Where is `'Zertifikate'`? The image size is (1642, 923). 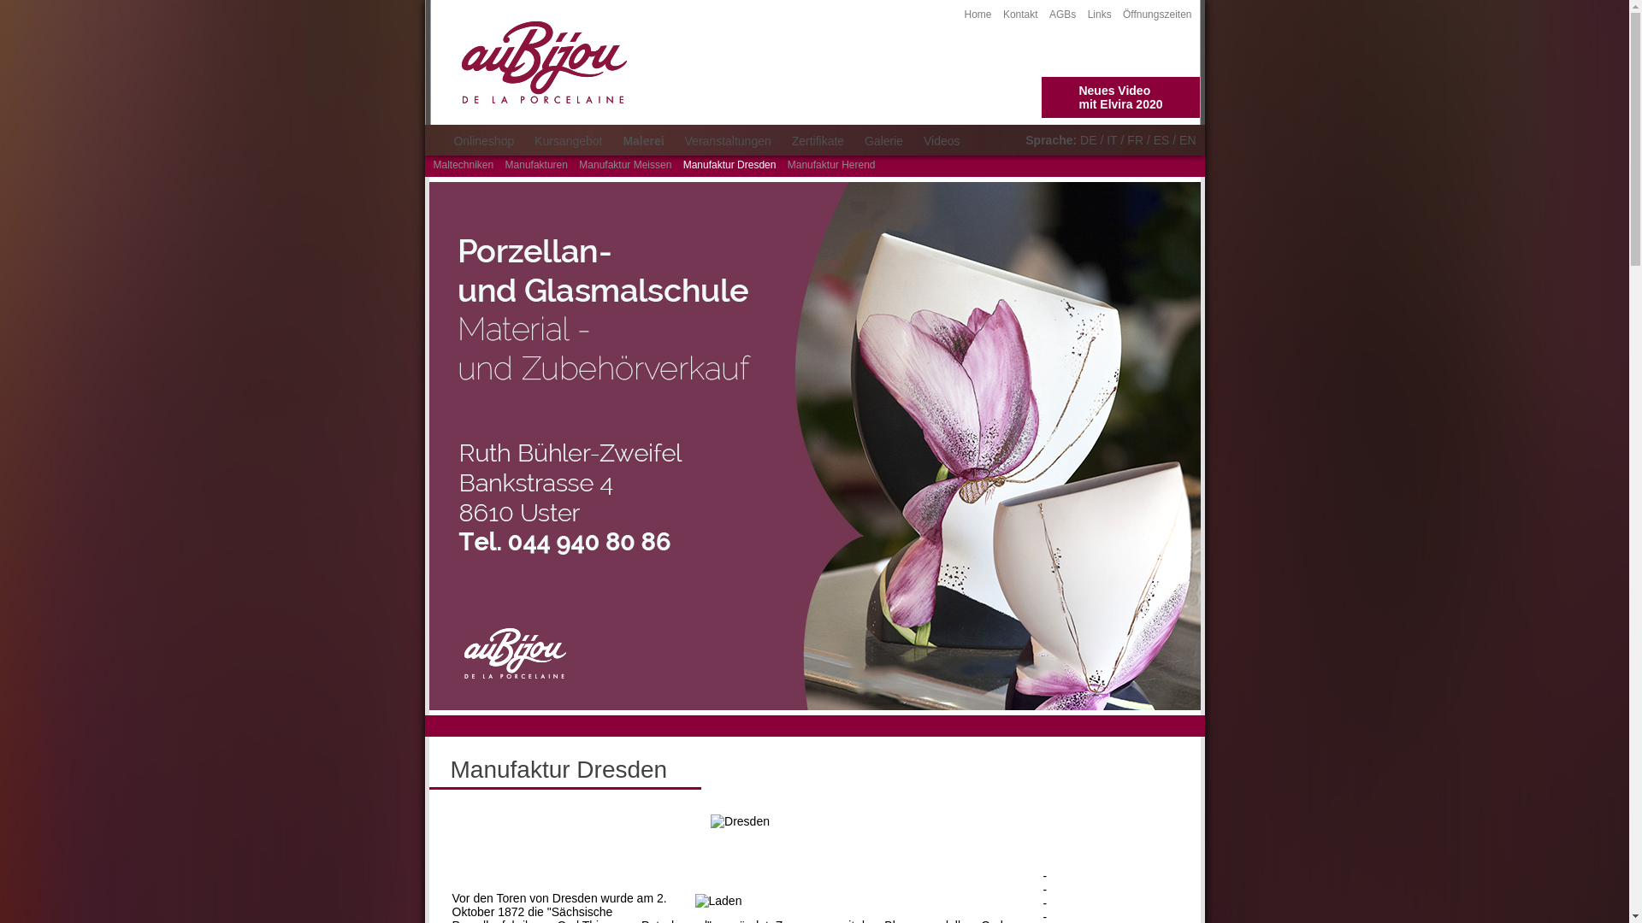
'Zertifikate' is located at coordinates (817, 140).